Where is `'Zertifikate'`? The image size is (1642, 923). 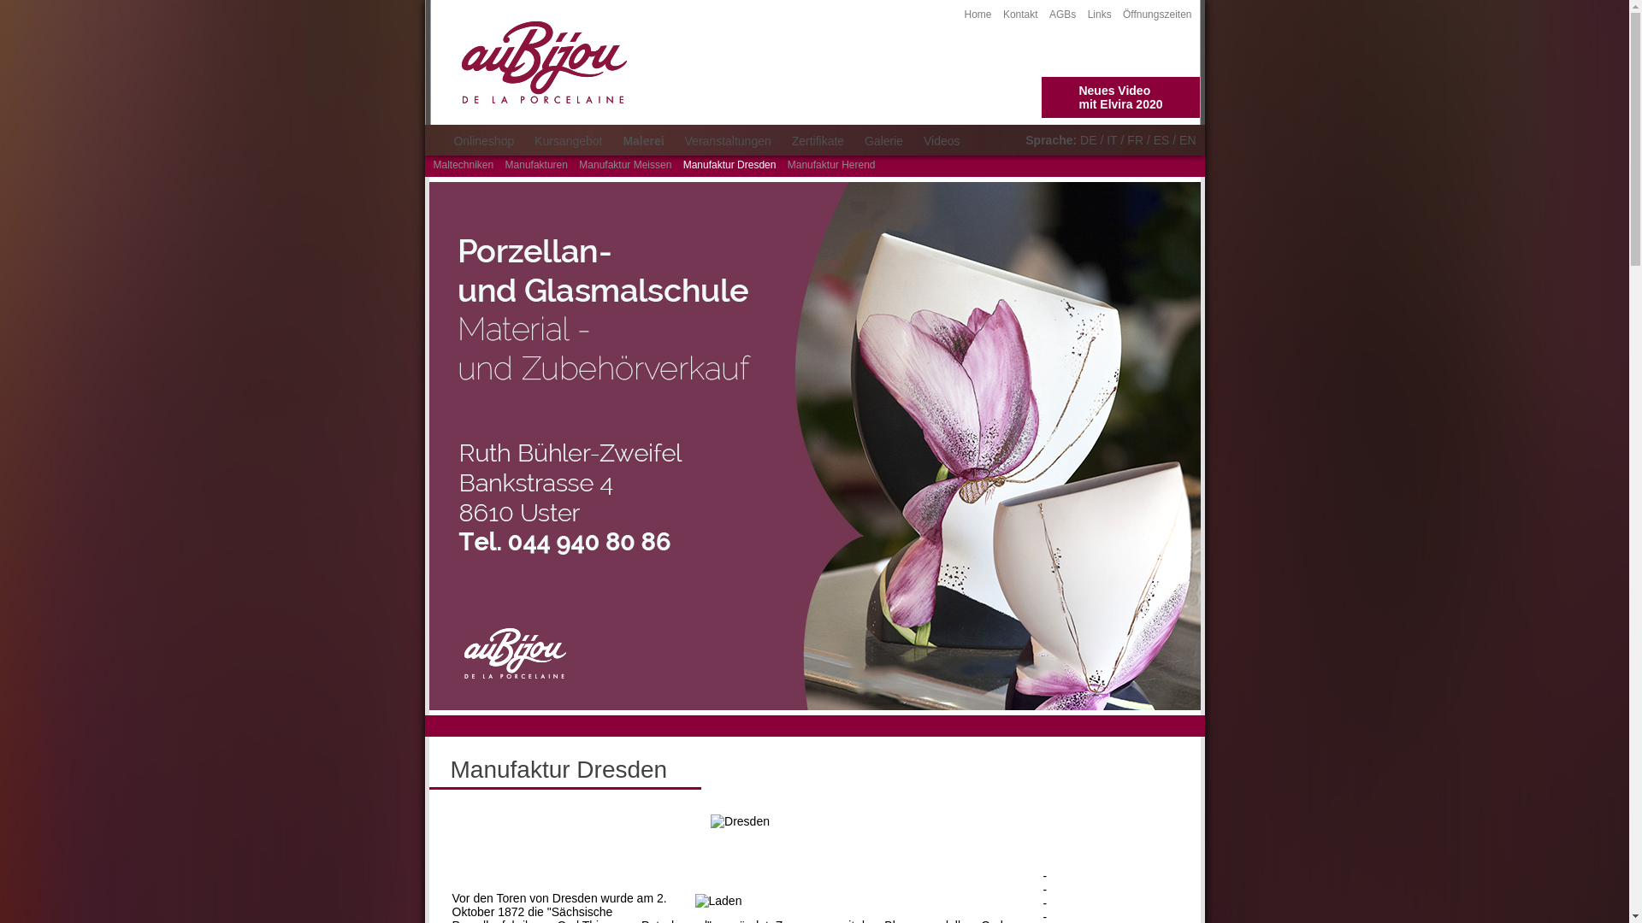
'Zertifikate' is located at coordinates (817, 140).